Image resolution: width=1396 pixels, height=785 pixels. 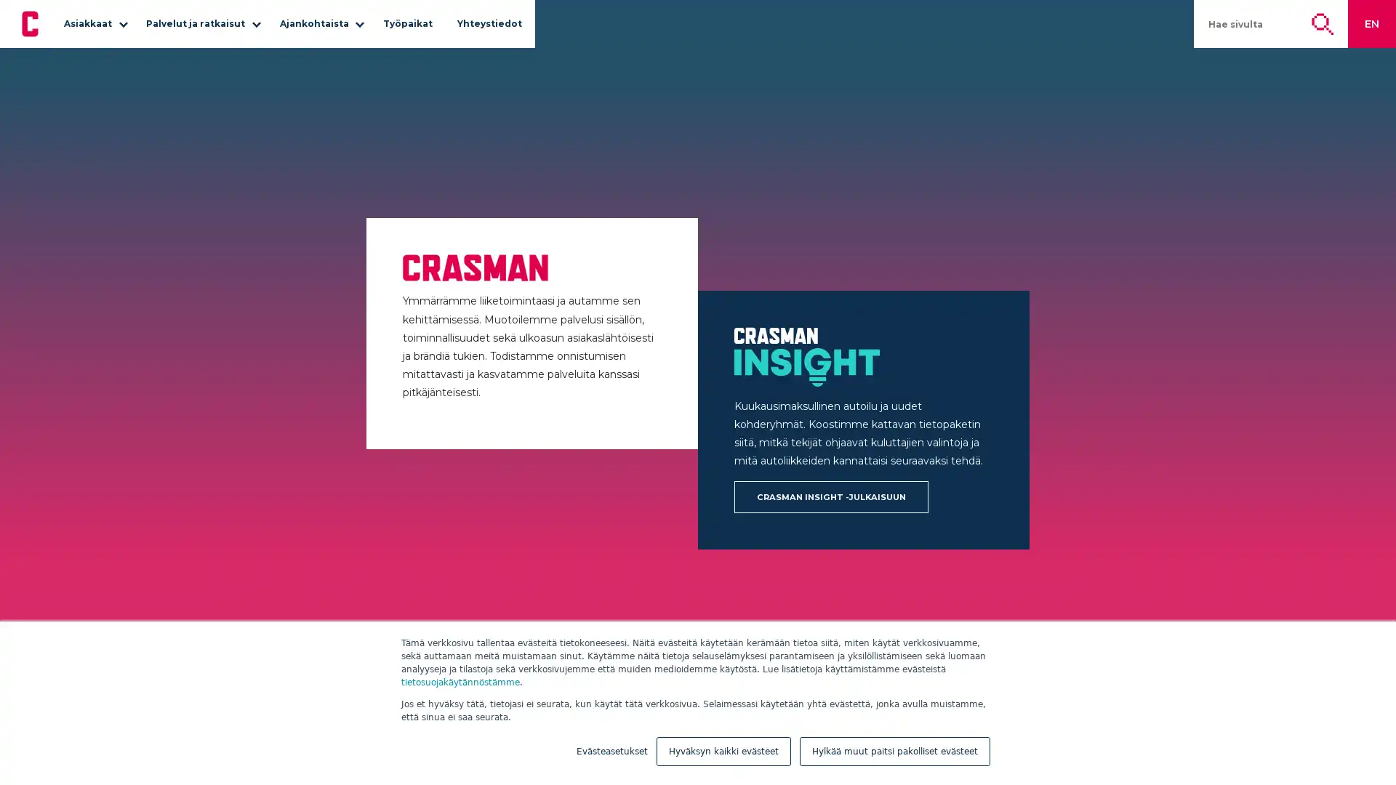 What do you see at coordinates (723, 751) in the screenshot?
I see `Hyvaksyn kaikki evasteet` at bounding box center [723, 751].